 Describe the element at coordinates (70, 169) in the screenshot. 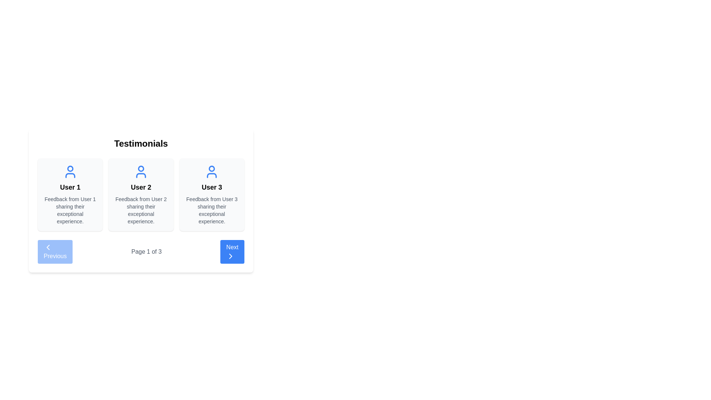

I see `the avatar icon representing 'User 1' in the first testimonial card located at the center-top of the card under the 'Testimonials' header` at that location.